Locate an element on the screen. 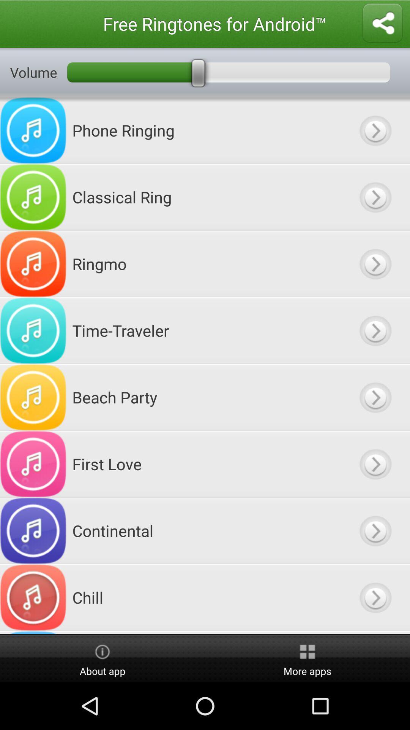 The width and height of the screenshot is (410, 730). play is located at coordinates (375, 197).